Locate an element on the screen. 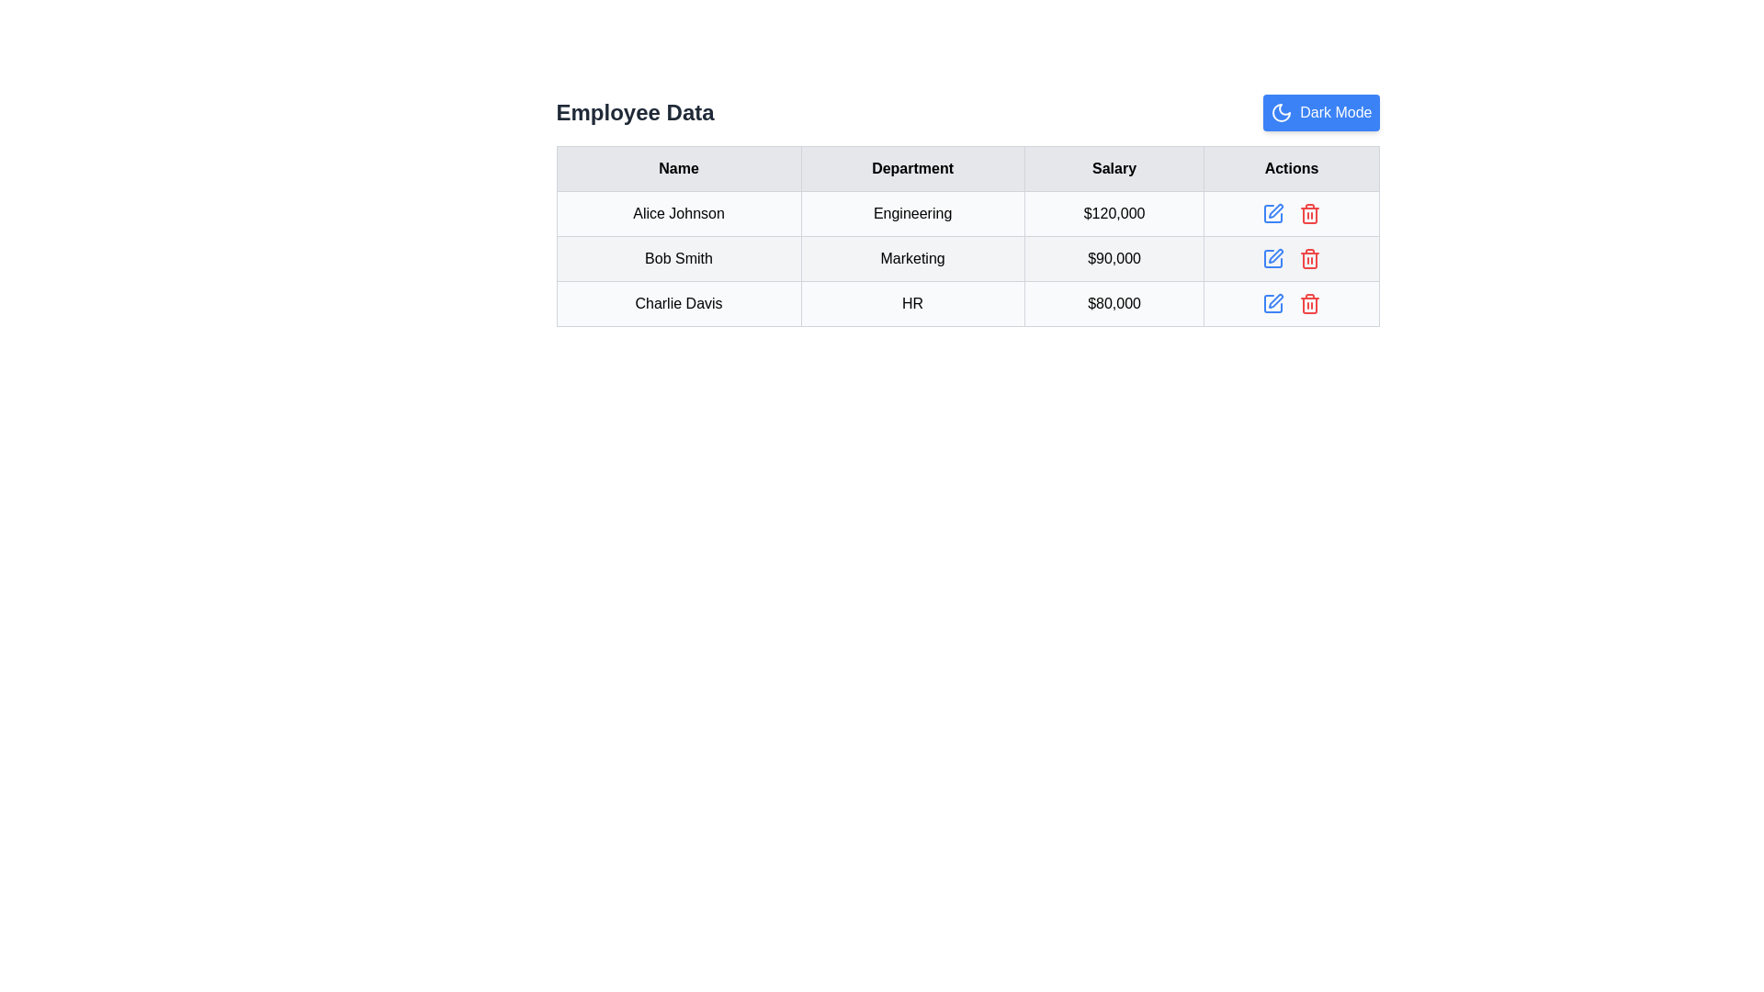 This screenshot has width=1764, height=992. the non-interactive text display showing the department 'HR' for employee 'Charlie Davis', located in the third row of the department column is located at coordinates (912, 303).